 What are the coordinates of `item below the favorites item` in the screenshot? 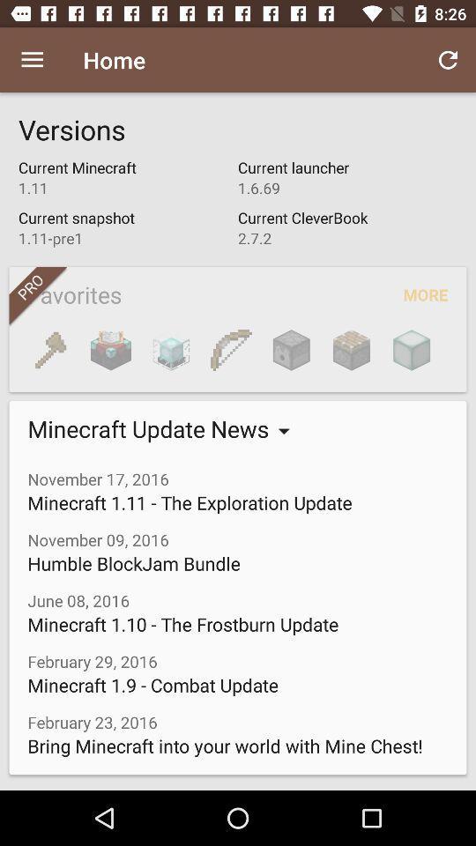 It's located at (291, 349).